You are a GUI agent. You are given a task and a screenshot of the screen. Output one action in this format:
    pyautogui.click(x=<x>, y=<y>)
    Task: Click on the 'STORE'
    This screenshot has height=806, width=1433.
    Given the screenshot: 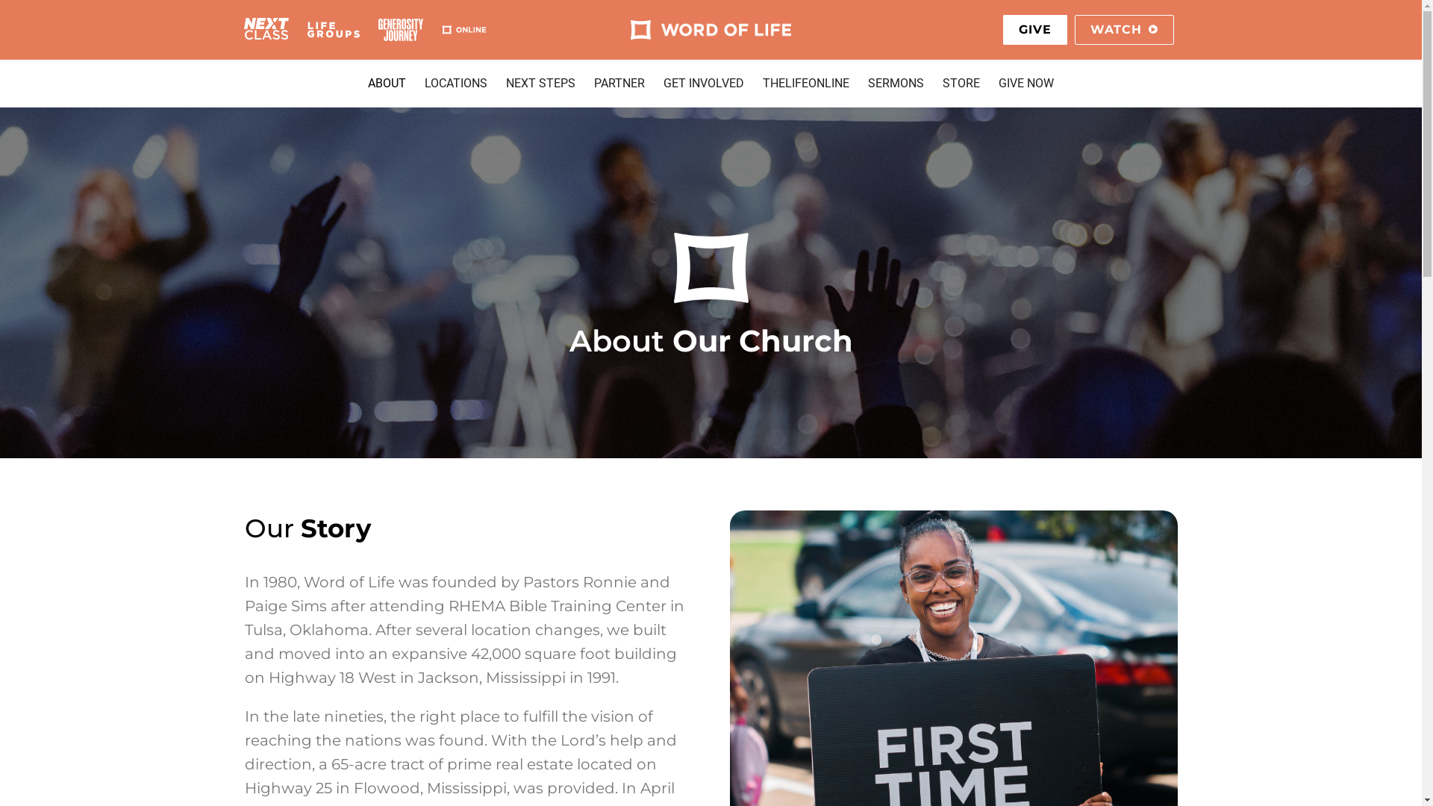 What is the action you would take?
    pyautogui.click(x=961, y=83)
    